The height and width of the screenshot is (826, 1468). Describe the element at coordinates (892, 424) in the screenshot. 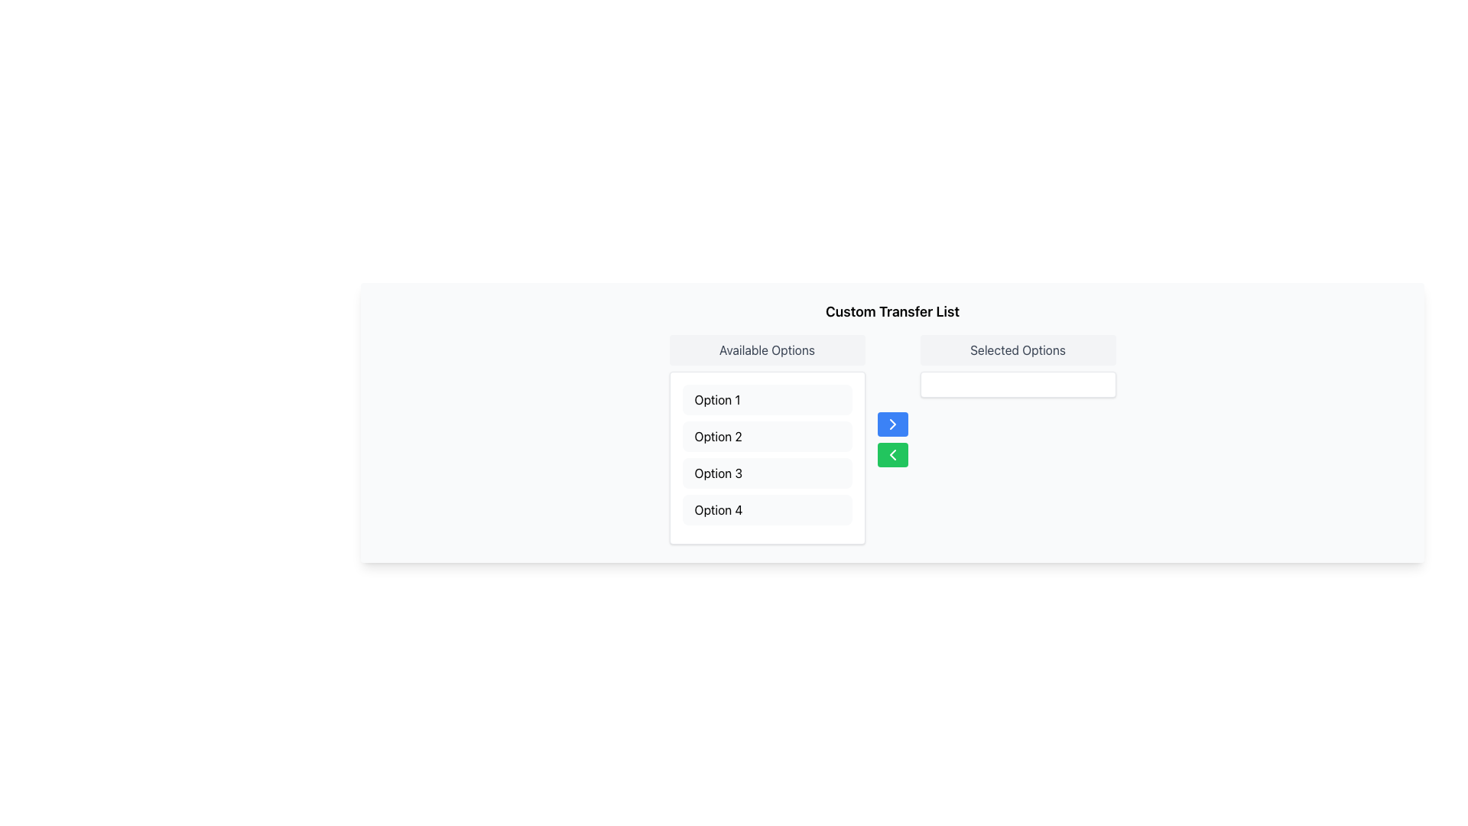

I see `the topmost button located between the 'Available Options' and 'Selected Options' columns to transfer an item` at that location.